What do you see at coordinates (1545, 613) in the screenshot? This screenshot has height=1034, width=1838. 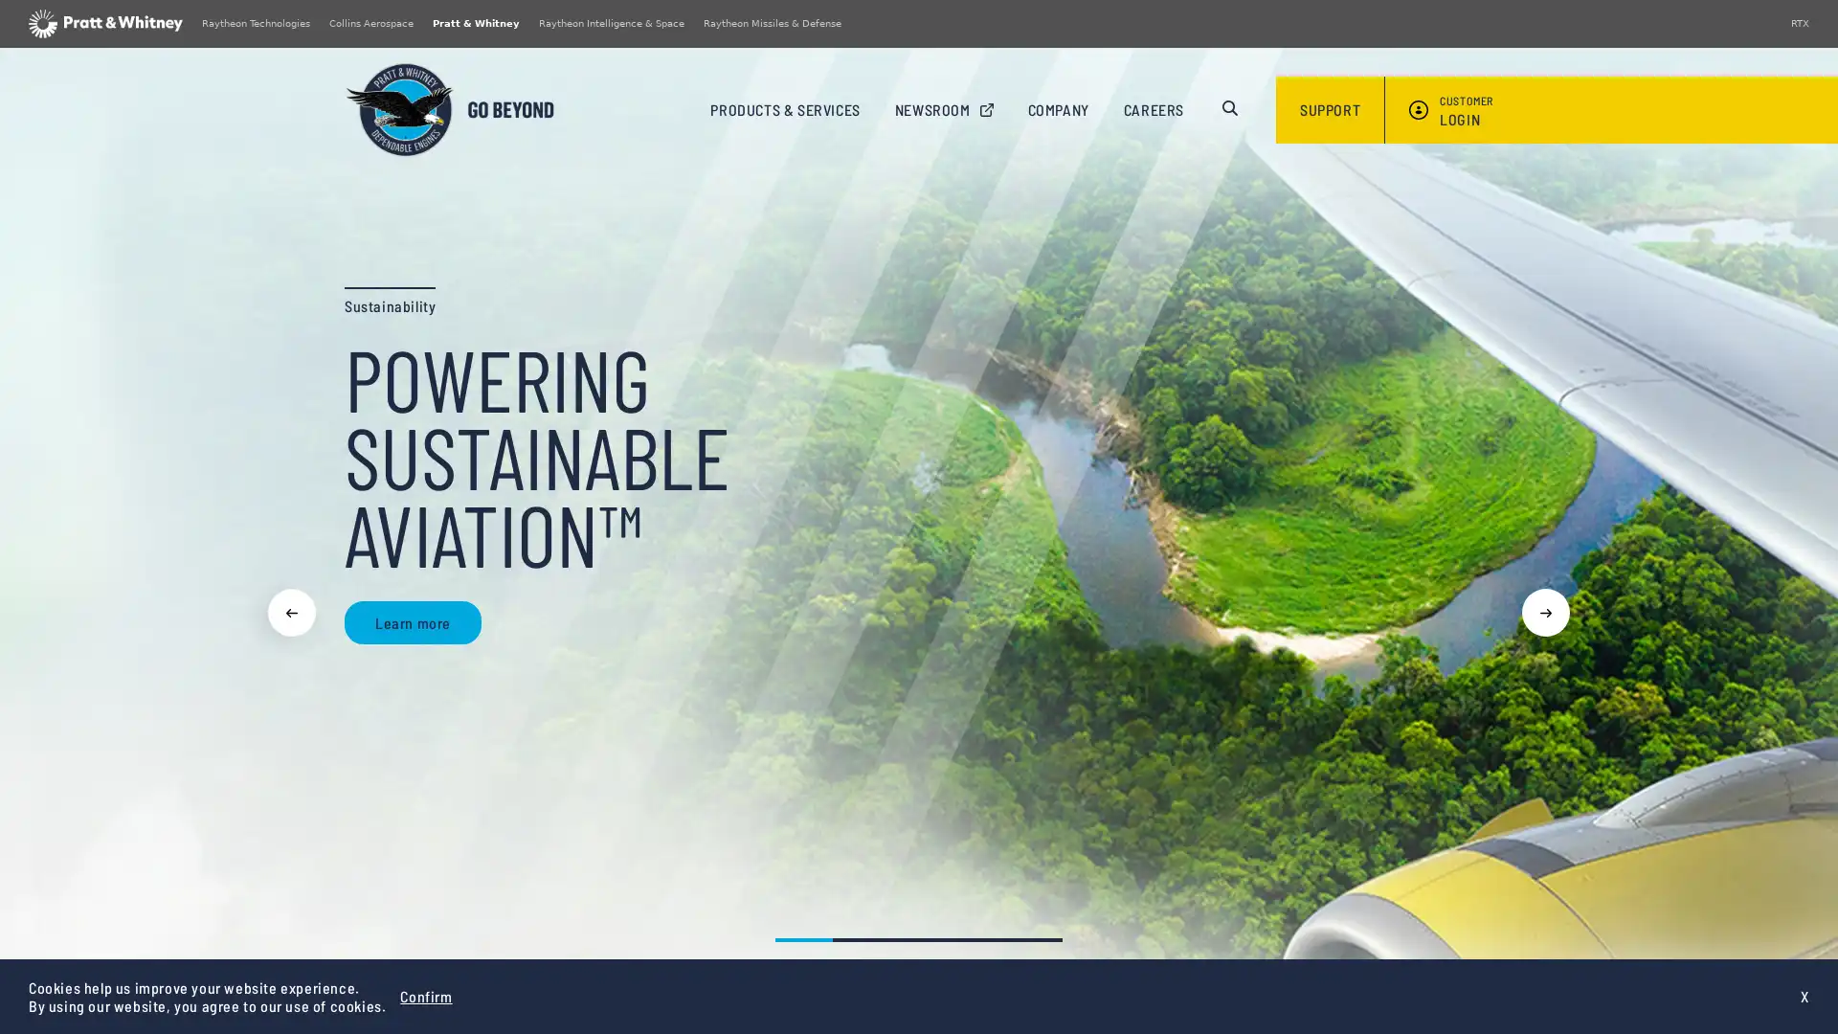 I see `Next slide` at bounding box center [1545, 613].